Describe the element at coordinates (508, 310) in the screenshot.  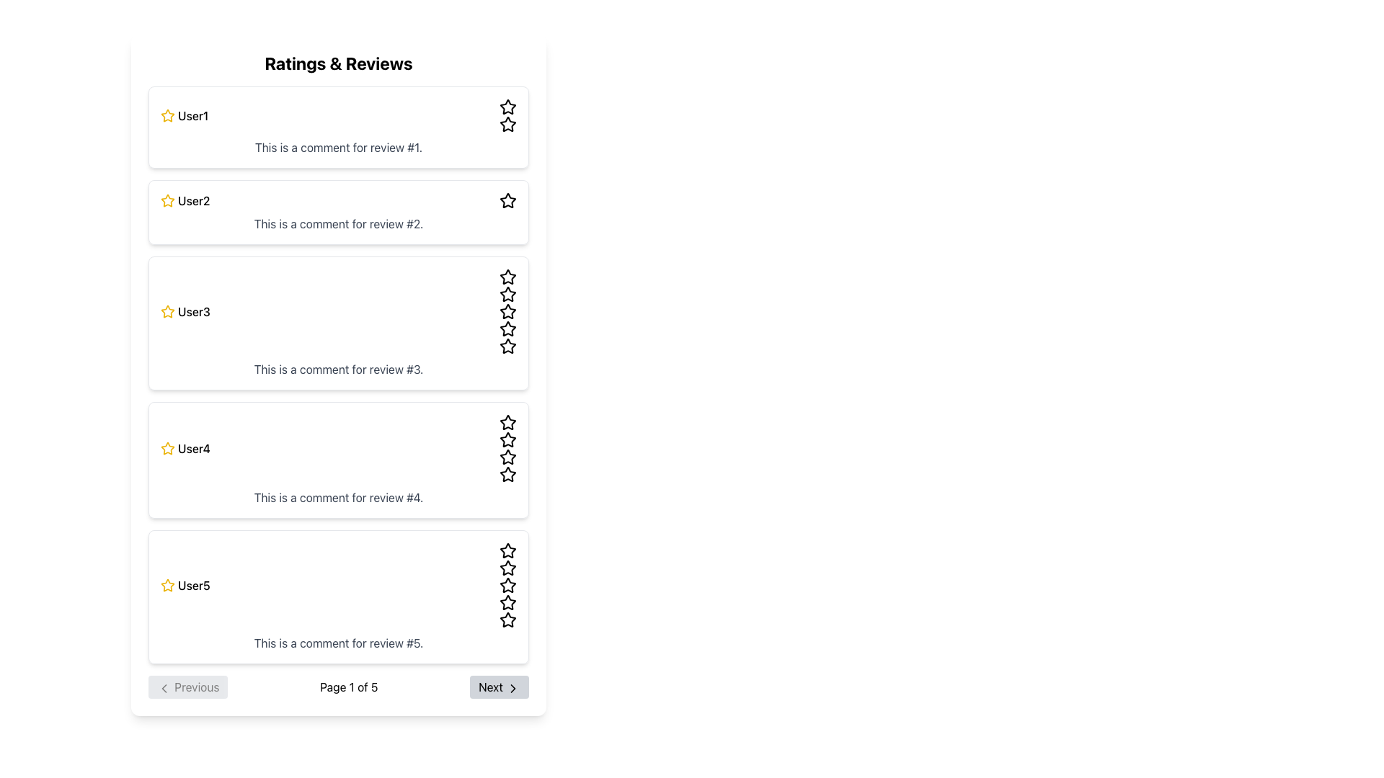
I see `the third star icon in the rating system associated with the review labeled 'User3'` at that location.